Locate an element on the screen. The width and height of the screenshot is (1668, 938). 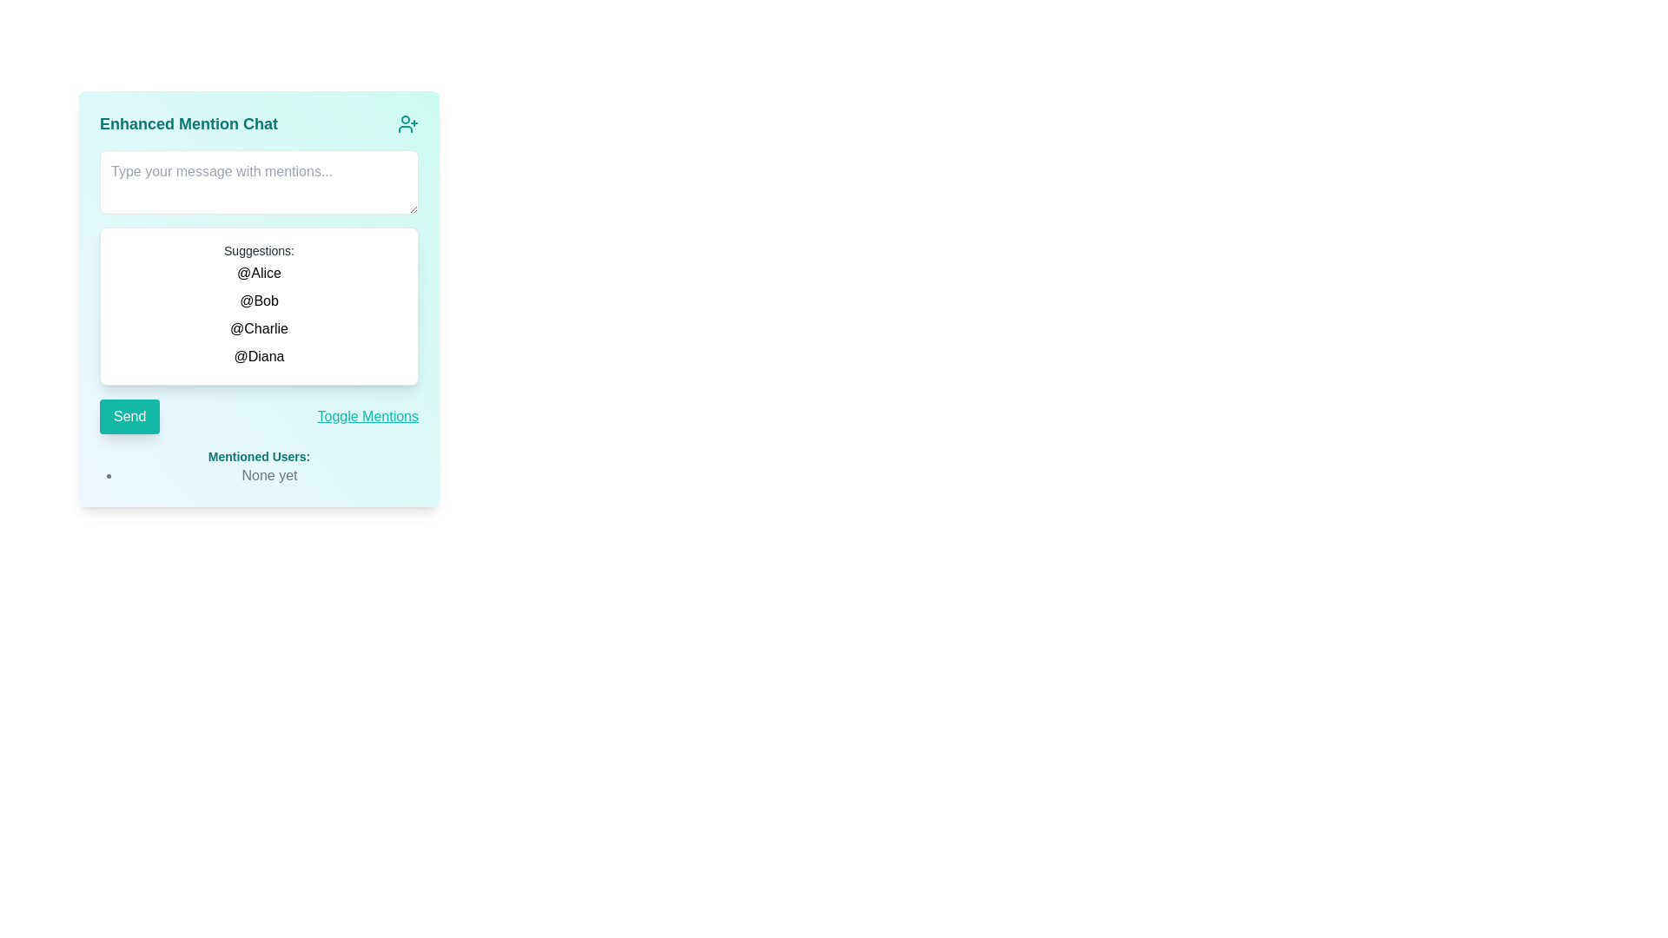
the text input field with the placeholder 'Type your message with mentions...' located below the title 'Enhanced Mention Chat' is located at coordinates (258, 182).